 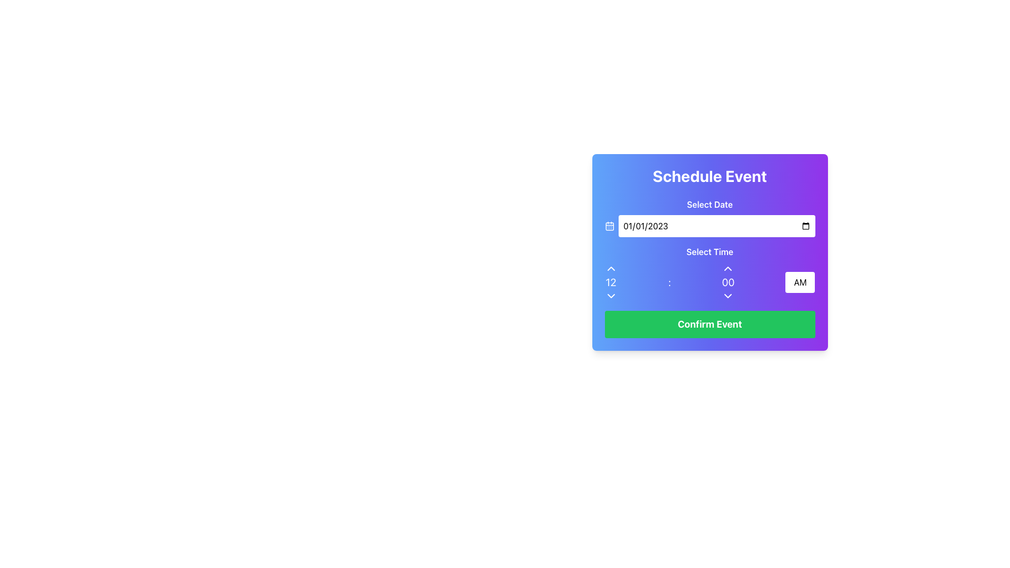 What do you see at coordinates (710, 324) in the screenshot?
I see `the confirm button located below the 'Select Time' section within the event scheduling panel to trigger hover effects` at bounding box center [710, 324].